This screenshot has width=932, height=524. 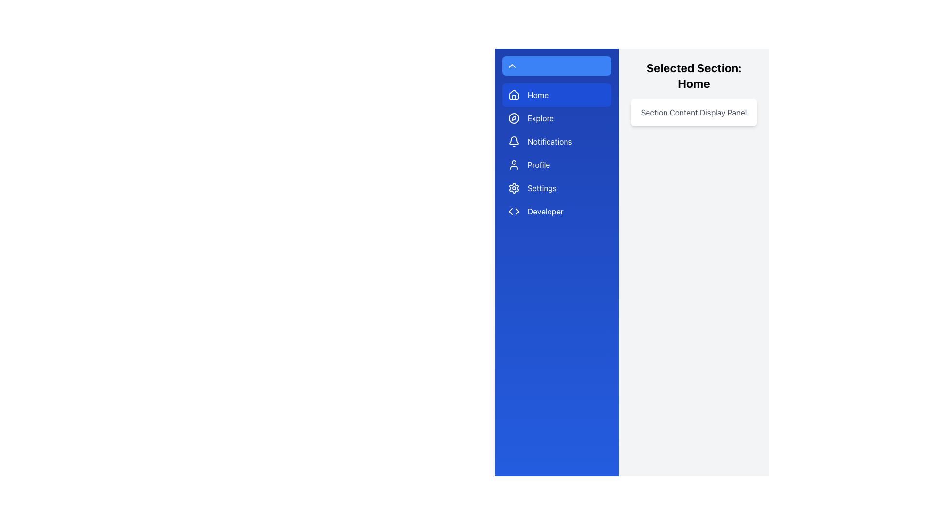 What do you see at coordinates (514, 164) in the screenshot?
I see `the 'Profile' icon located in the left-hand sidebar menu, which is the fourth item from the top` at bounding box center [514, 164].